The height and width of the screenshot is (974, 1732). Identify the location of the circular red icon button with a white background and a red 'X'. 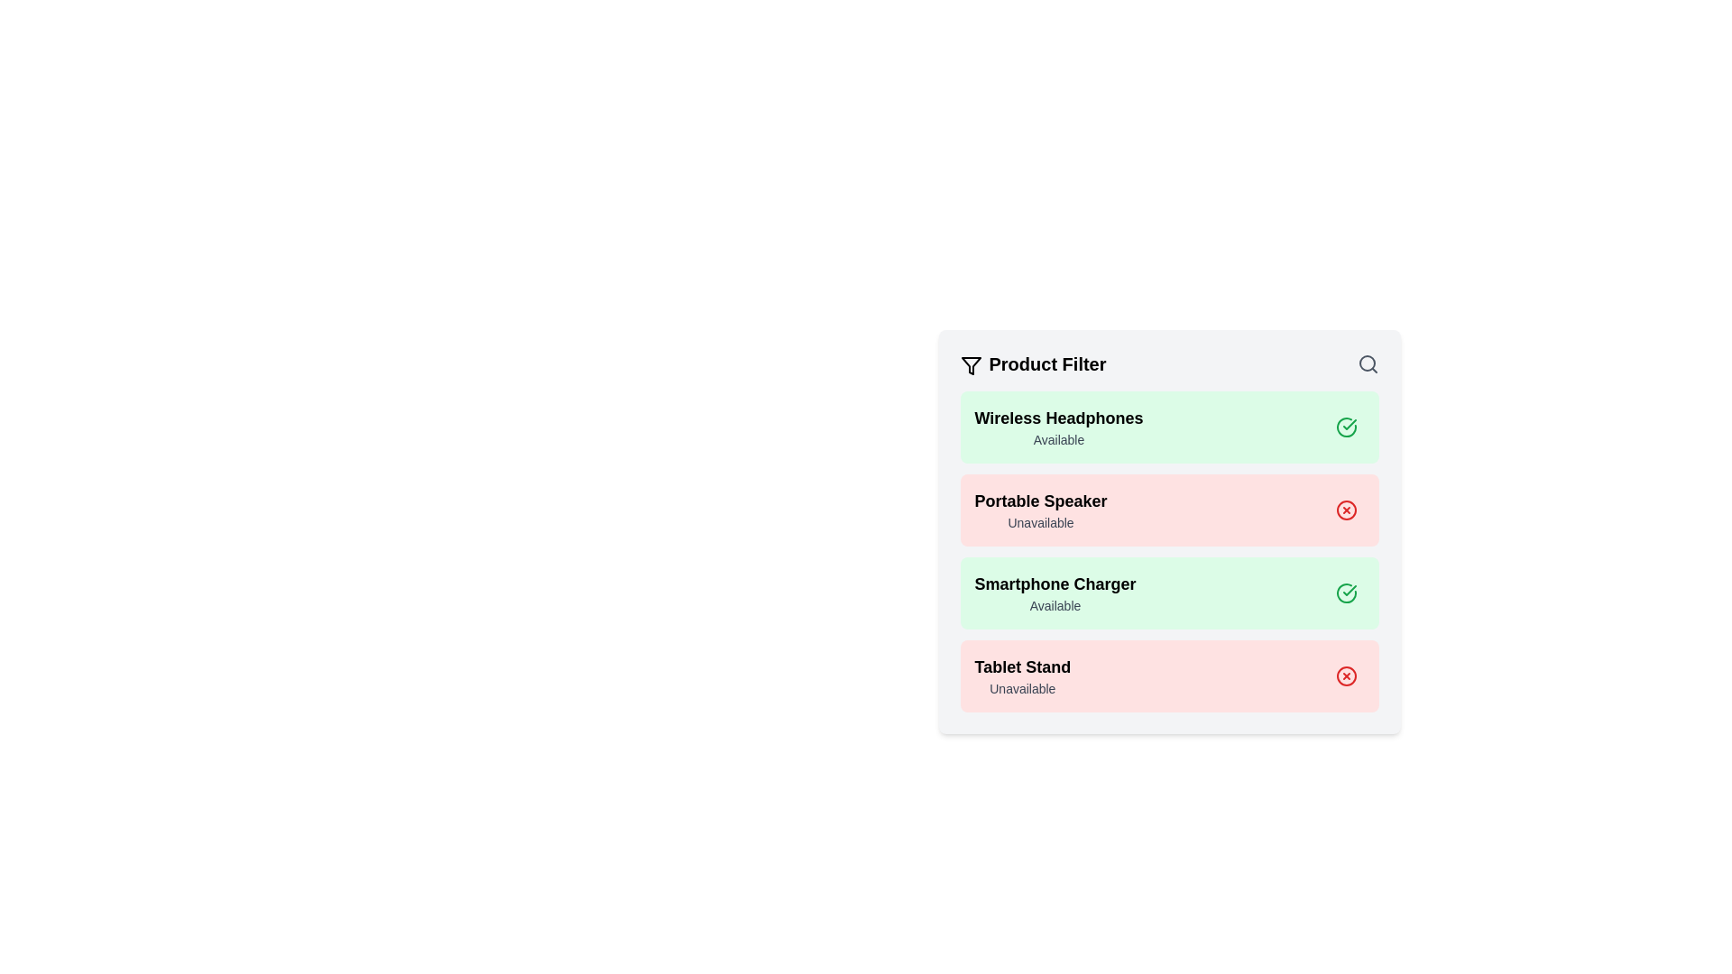
(1346, 510).